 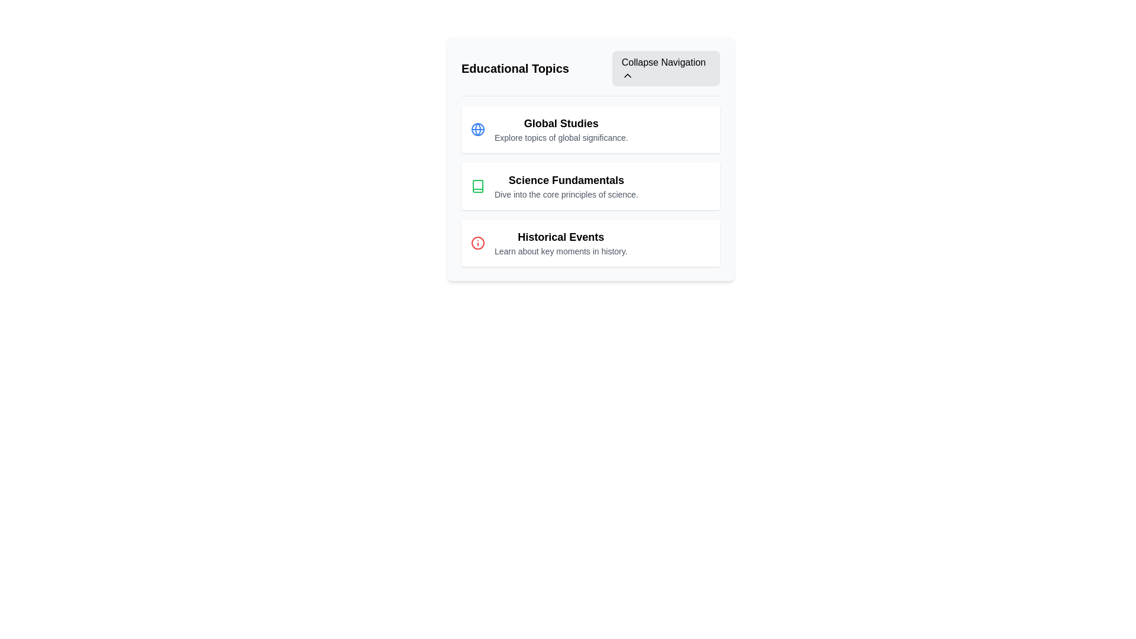 I want to click on the non-interactive heading text labeled 'Global Studies' which is located at the top of the 'Educational Topics' panel, within the first item of the structured list, so click(x=560, y=123).